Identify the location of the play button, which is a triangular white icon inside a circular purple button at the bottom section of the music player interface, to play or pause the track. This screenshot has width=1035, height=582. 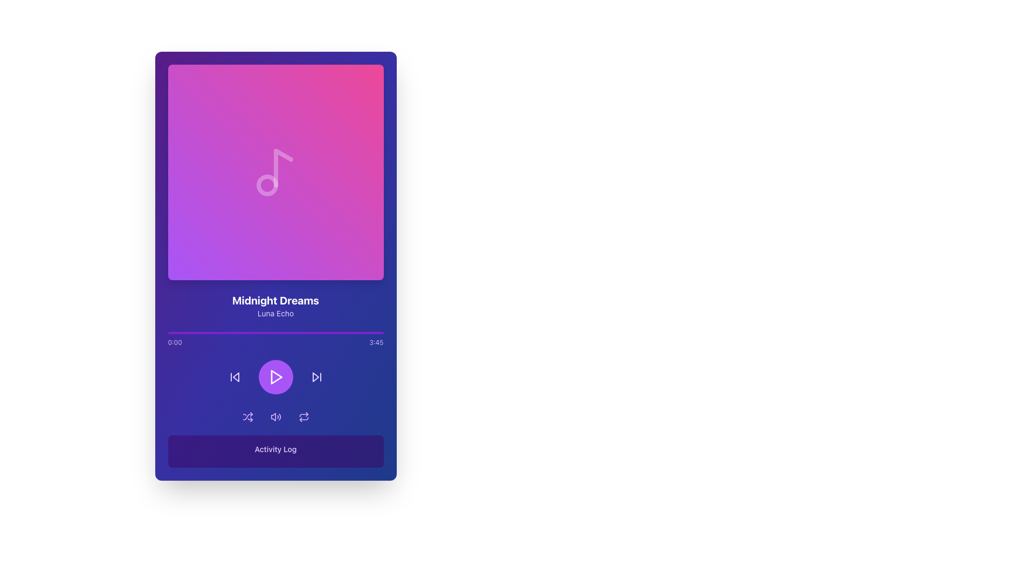
(275, 376).